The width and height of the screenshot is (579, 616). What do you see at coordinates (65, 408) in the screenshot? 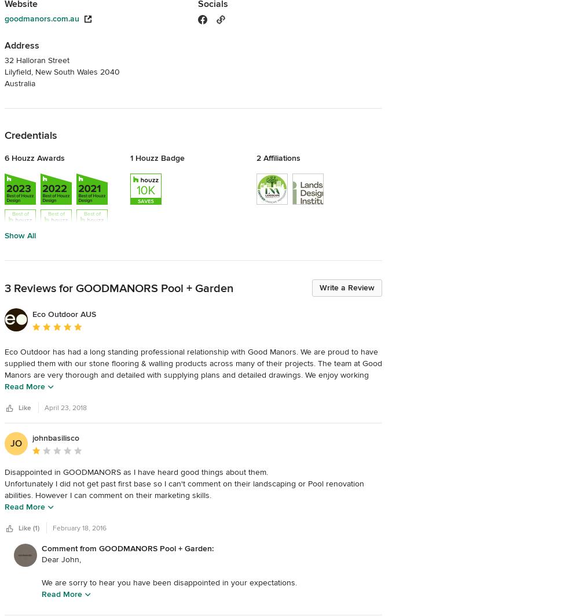
I see `'April 23, 2018'` at bounding box center [65, 408].